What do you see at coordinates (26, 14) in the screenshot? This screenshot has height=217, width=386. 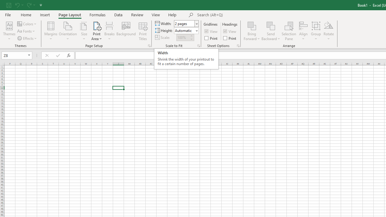 I see `'Home'` at bounding box center [26, 14].